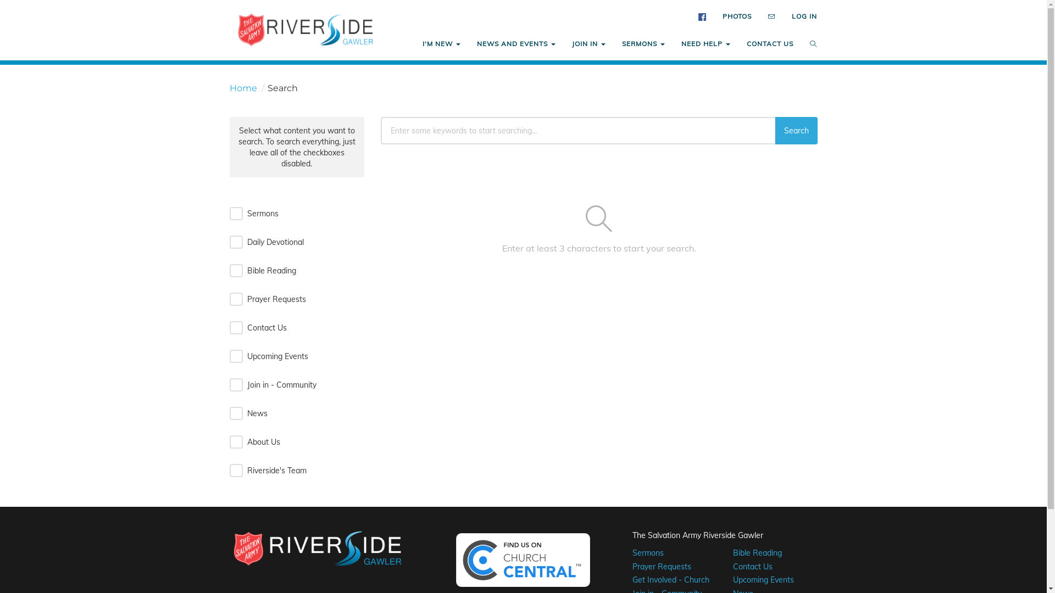 The height and width of the screenshot is (593, 1055). Describe the element at coordinates (242, 87) in the screenshot. I see `'Home'` at that location.